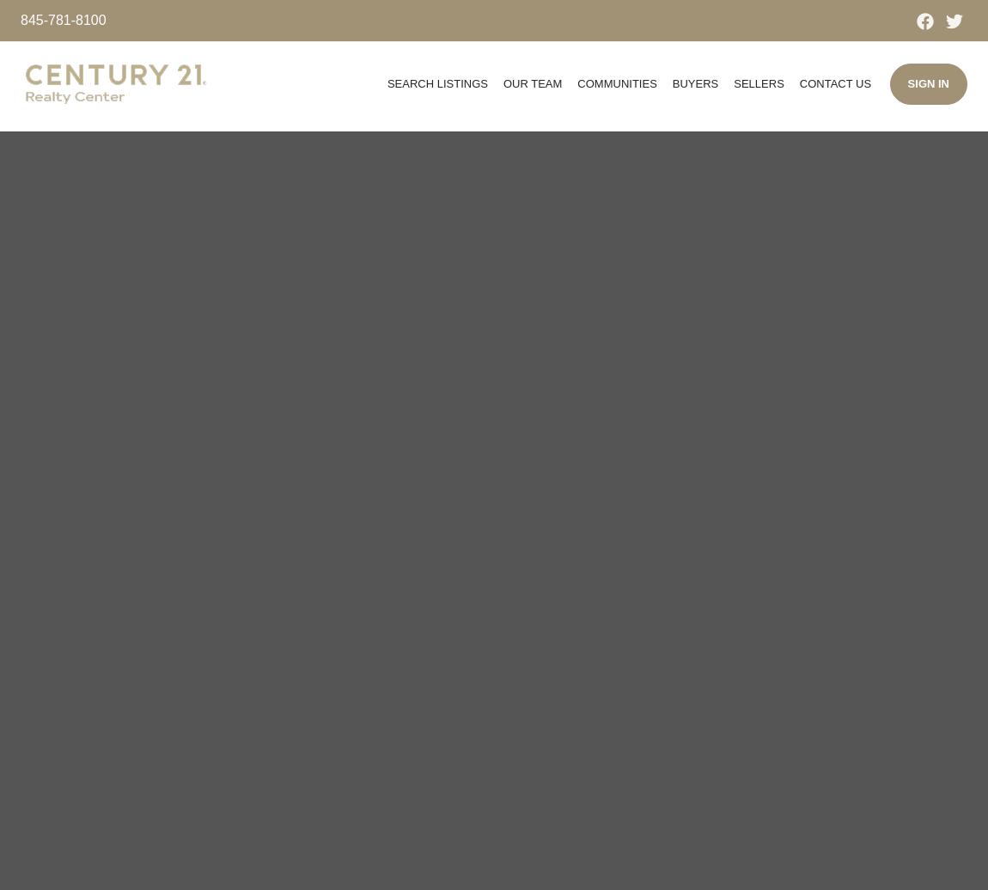 The image size is (988, 890). Describe the element at coordinates (758, 119) in the screenshot. I see `'Marketing Plan'` at that location.